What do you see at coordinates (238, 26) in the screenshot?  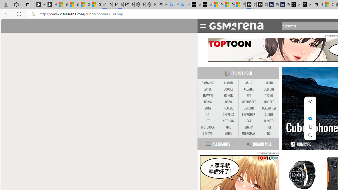 I see `'AutomationID: anchor'` at bounding box center [238, 26].